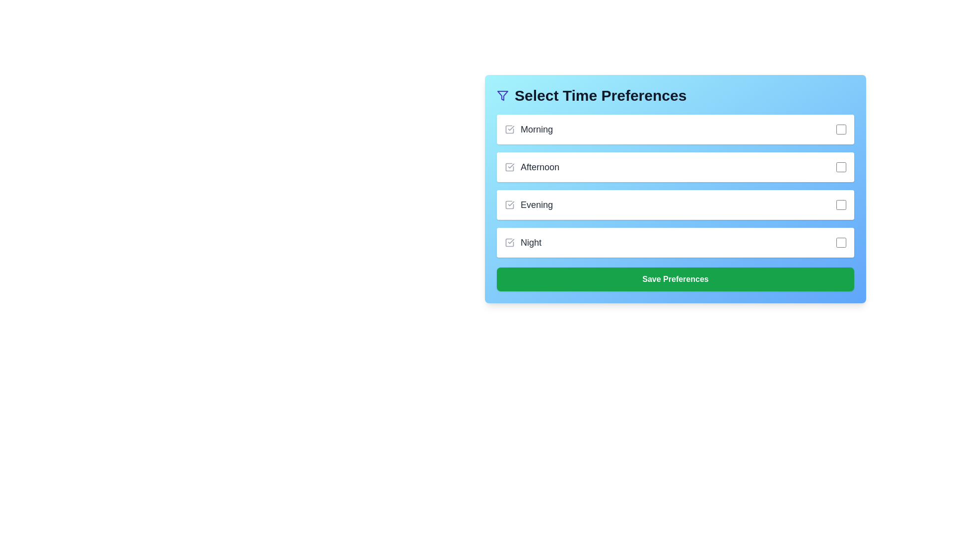  I want to click on the filtering icon located to the left of 'Select Time Preferences' in the header section, which visually indicates the ability to refine or adjust time options, so click(502, 95).